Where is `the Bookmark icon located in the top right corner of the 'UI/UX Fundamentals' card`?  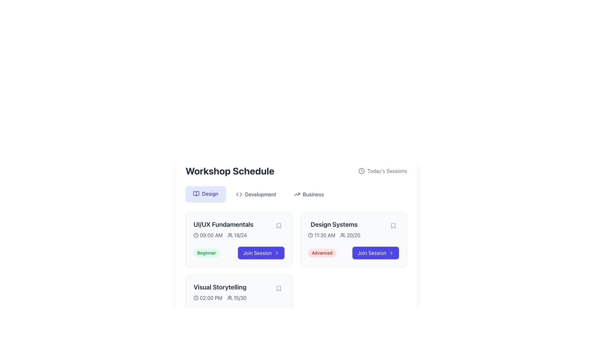
the Bookmark icon located in the top right corner of the 'UI/UX Fundamentals' card is located at coordinates (278, 225).